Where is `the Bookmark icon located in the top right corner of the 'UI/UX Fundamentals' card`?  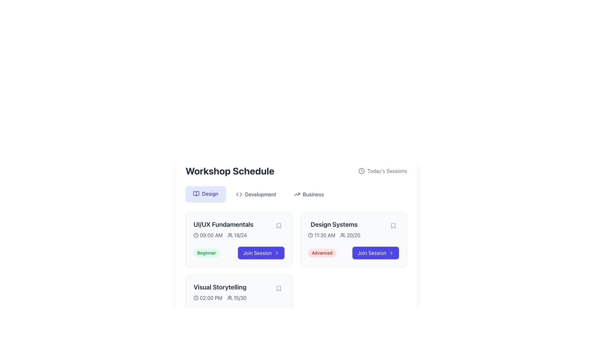
the Bookmark icon located in the top right corner of the 'UI/UX Fundamentals' card is located at coordinates (278, 225).